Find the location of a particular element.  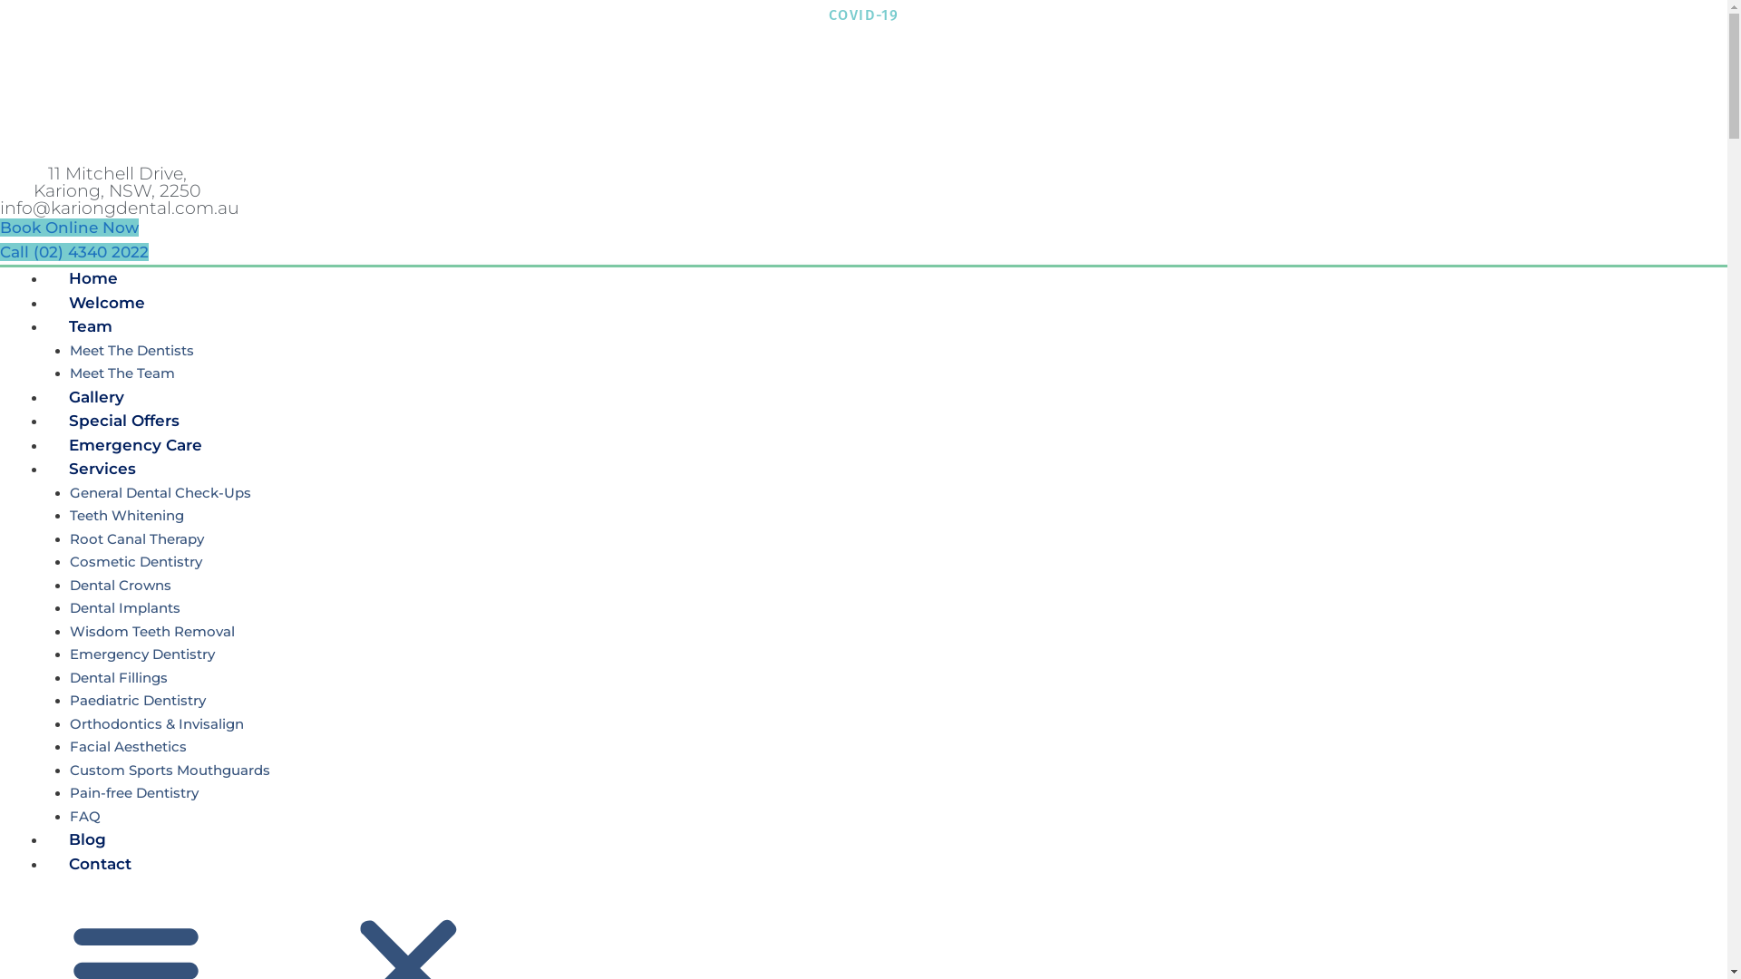

'Emergency Dentistry' is located at coordinates (140, 654).